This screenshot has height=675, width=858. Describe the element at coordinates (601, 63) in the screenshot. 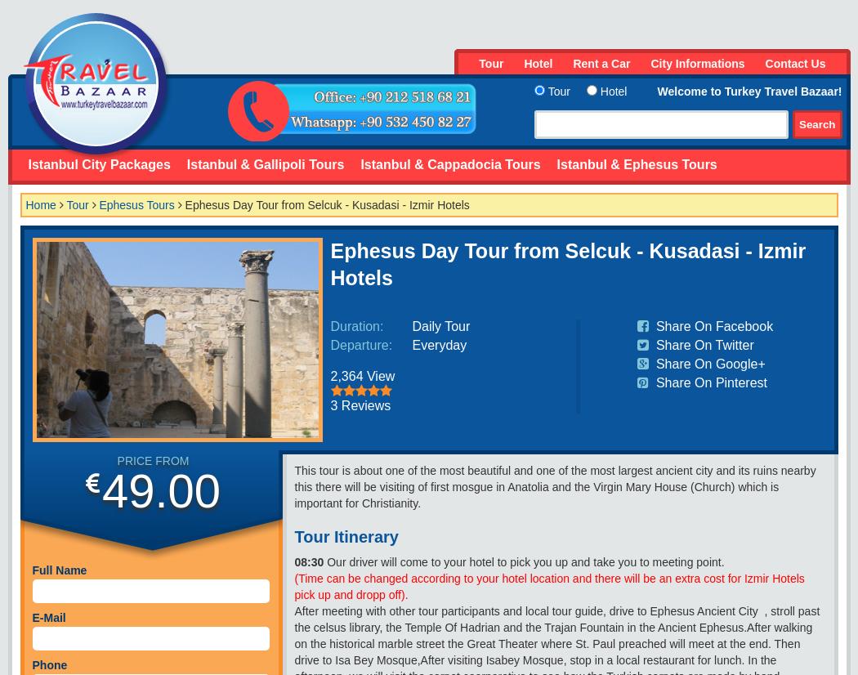

I see `'Rent a Car'` at that location.